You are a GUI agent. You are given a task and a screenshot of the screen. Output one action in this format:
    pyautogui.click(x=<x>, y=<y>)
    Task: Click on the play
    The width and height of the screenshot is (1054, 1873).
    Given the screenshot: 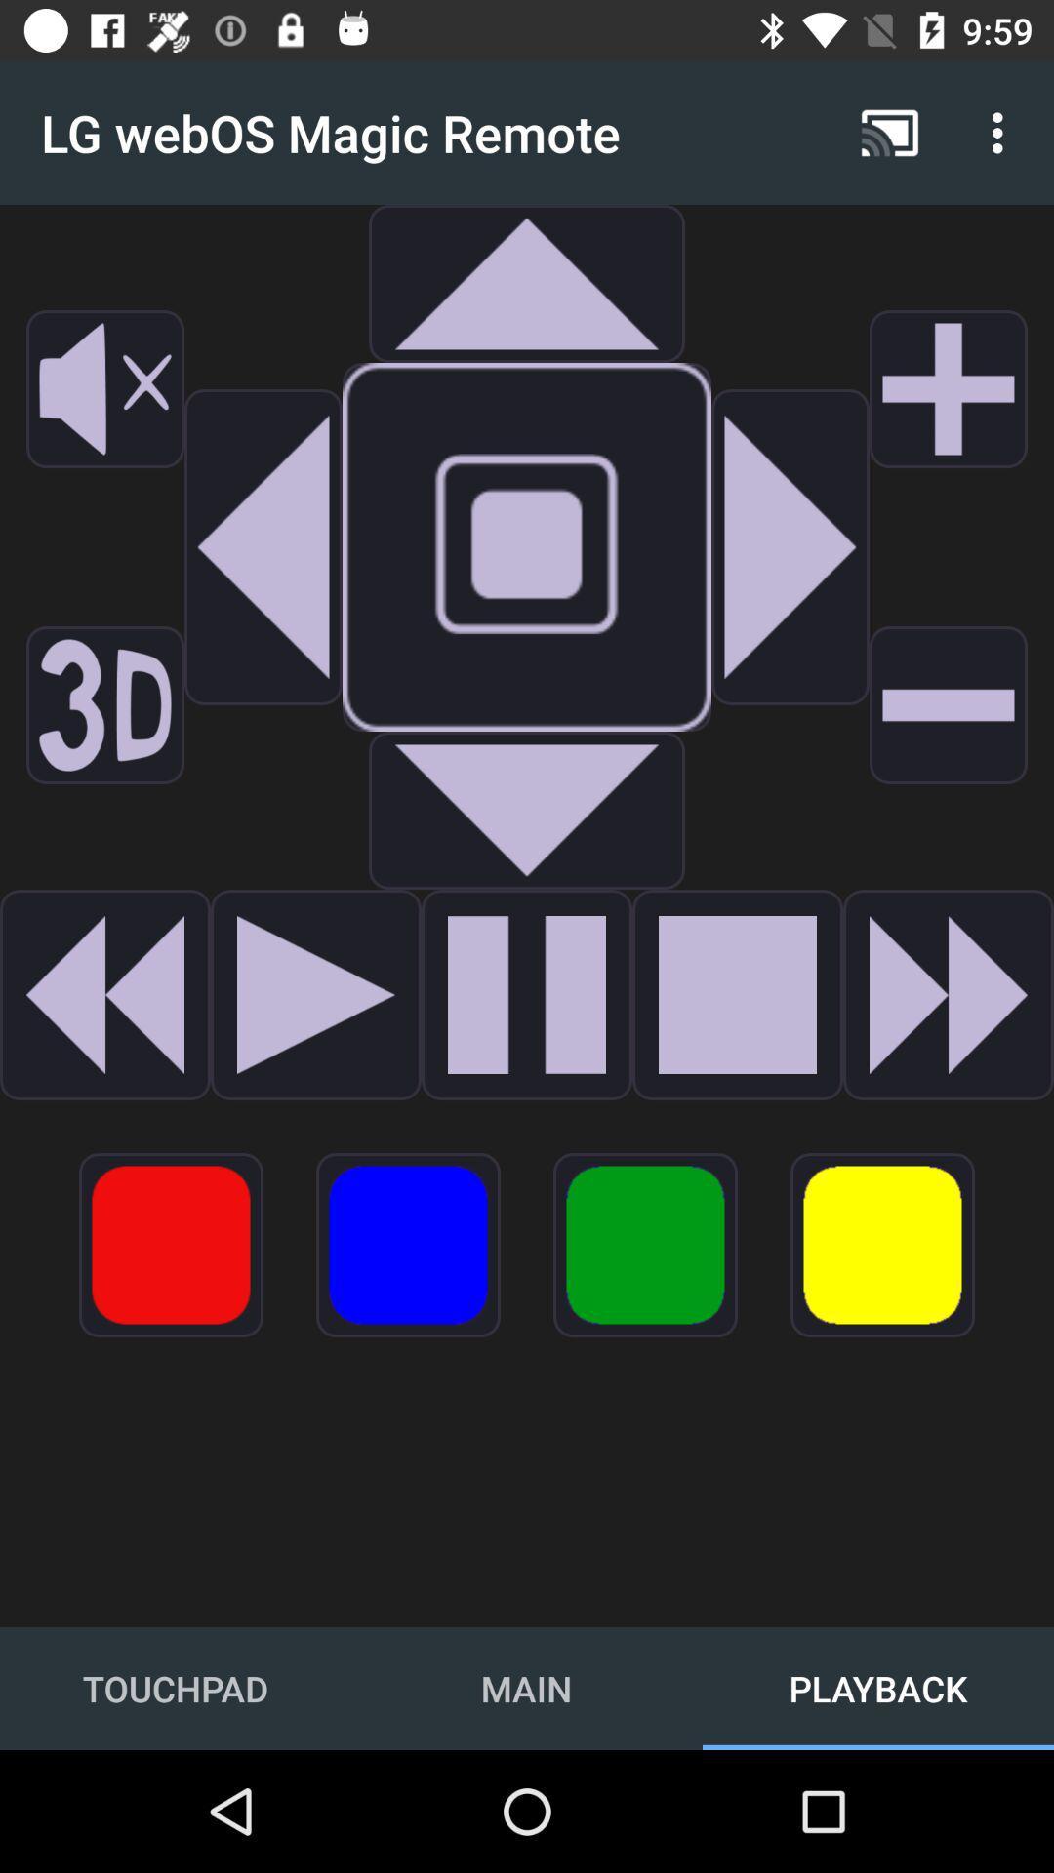 What is the action you would take?
    pyautogui.click(x=738, y=994)
    